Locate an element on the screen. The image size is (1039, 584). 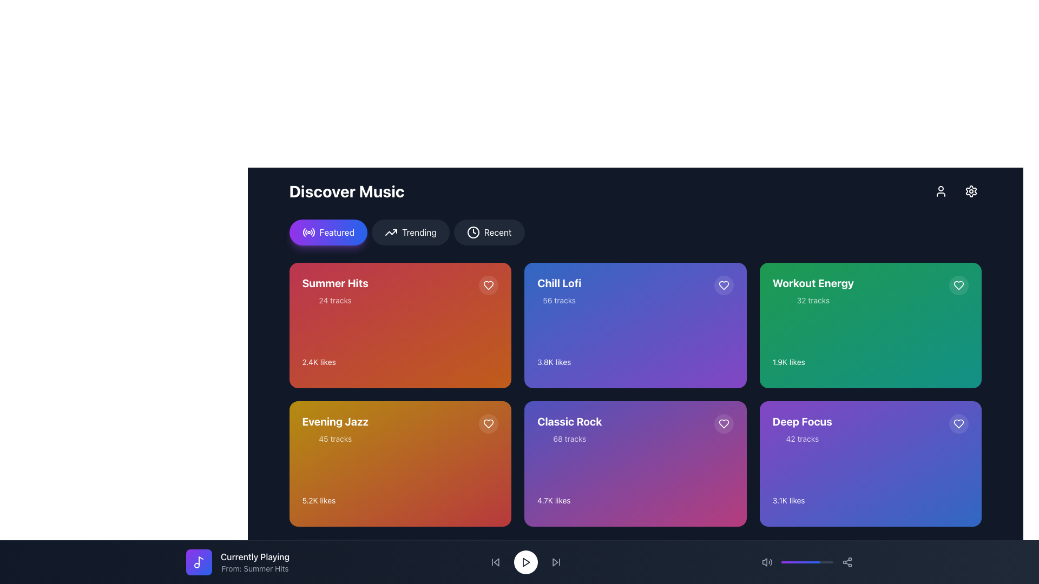
the 'Evening Jazz' playlist tile, which is a rectangular tile with rounded corners, a gradient background from yellow to red, displaying 'Evening Jazz' in bold at the top, '45 tracks' below, and '5.2K likes' at the bottom is located at coordinates (399, 463).